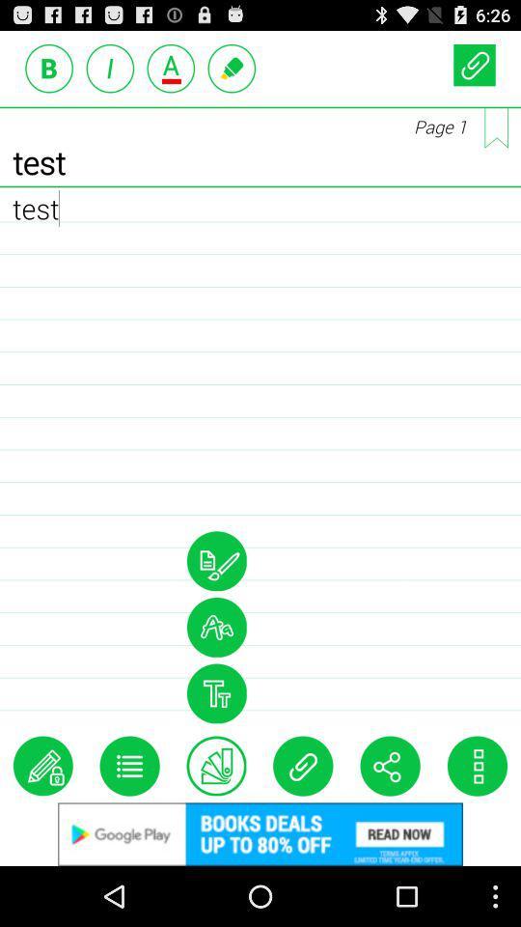  Describe the element at coordinates (129, 819) in the screenshot. I see `the list icon` at that location.